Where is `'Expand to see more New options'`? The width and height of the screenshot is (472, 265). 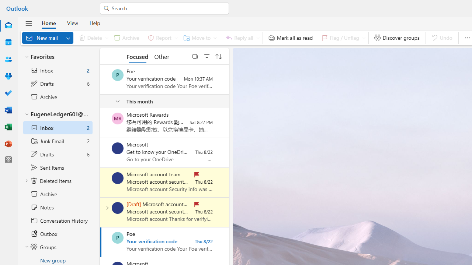
'Expand to see more New options' is located at coordinates (68, 38).